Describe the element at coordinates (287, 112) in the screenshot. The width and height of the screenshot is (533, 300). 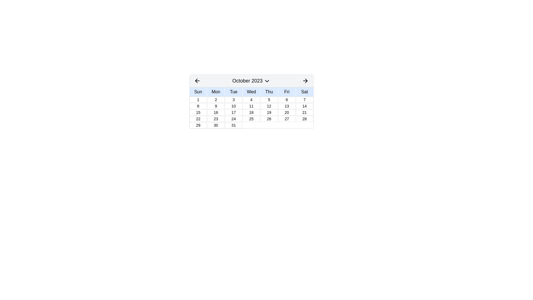
I see `the Calendar Cell representing the date 20 in the graphical calendar interface` at that location.